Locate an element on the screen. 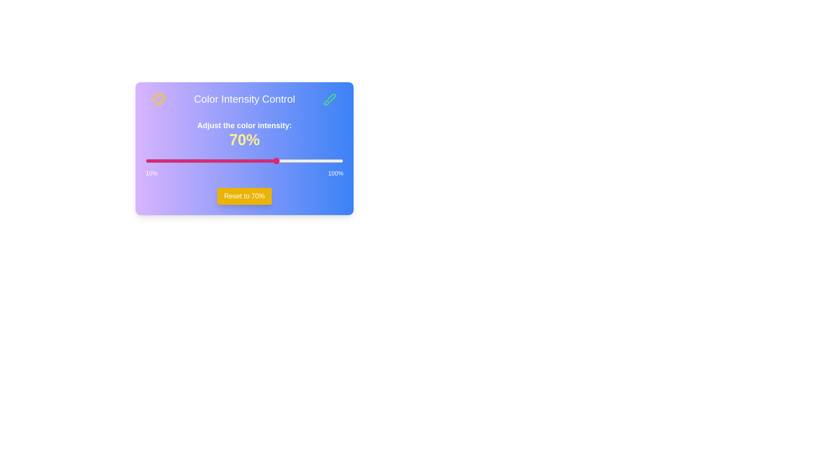  the brush icon to interact with it is located at coordinates (329, 98).